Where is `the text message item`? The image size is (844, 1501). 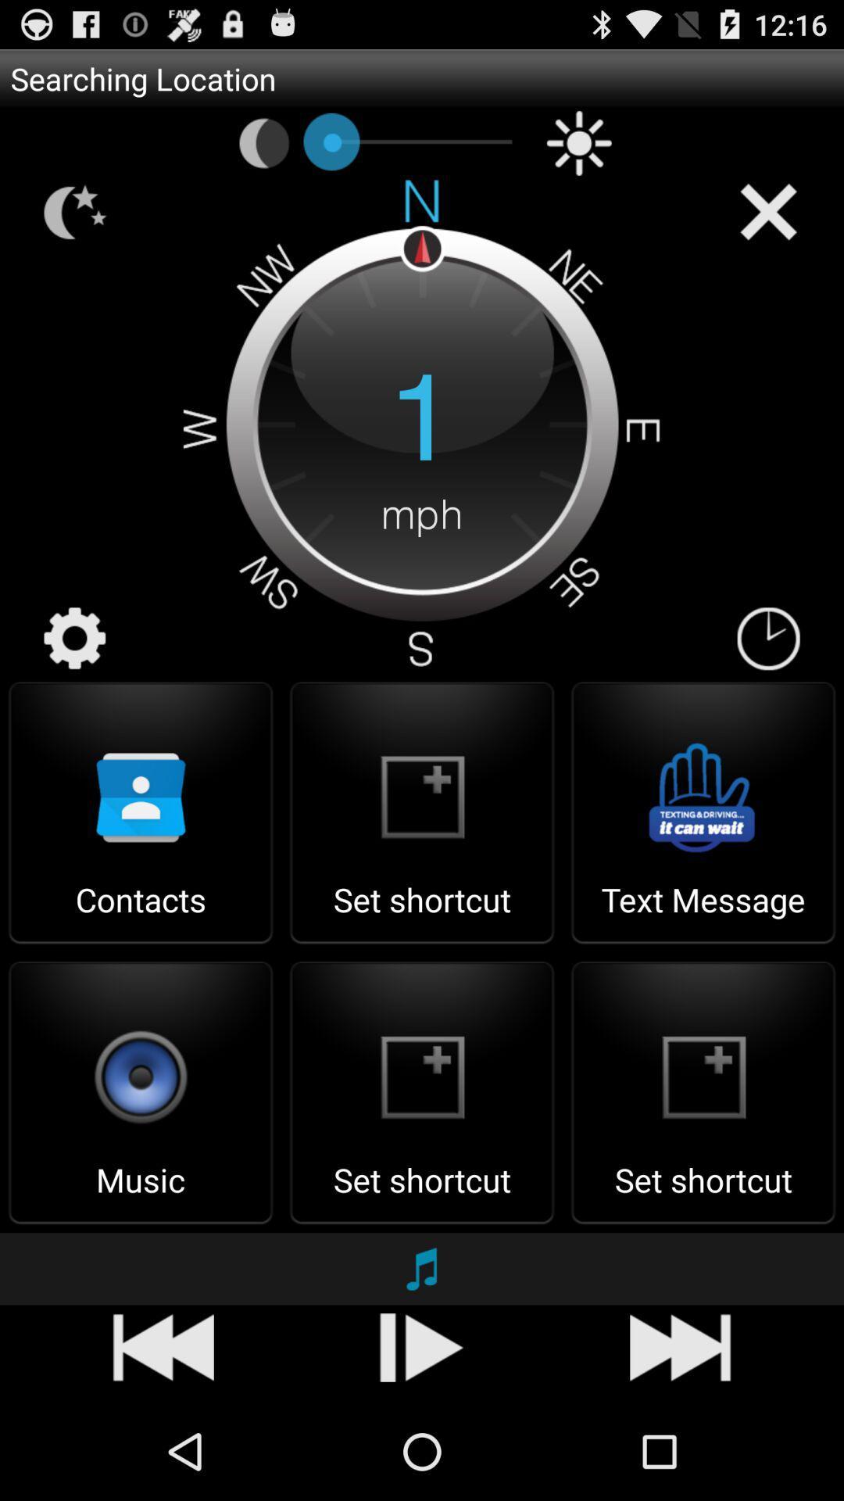 the text message item is located at coordinates (702, 915).